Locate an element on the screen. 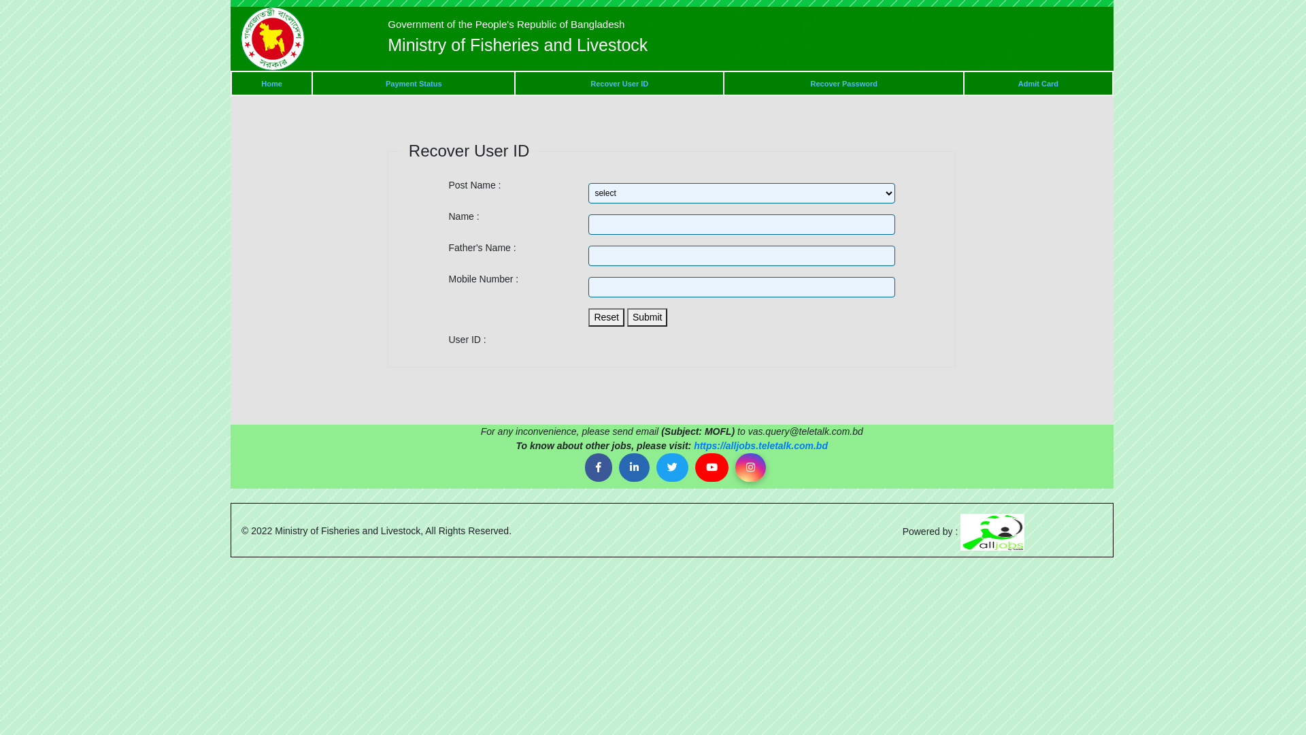  'Twitter' is located at coordinates (656, 467).